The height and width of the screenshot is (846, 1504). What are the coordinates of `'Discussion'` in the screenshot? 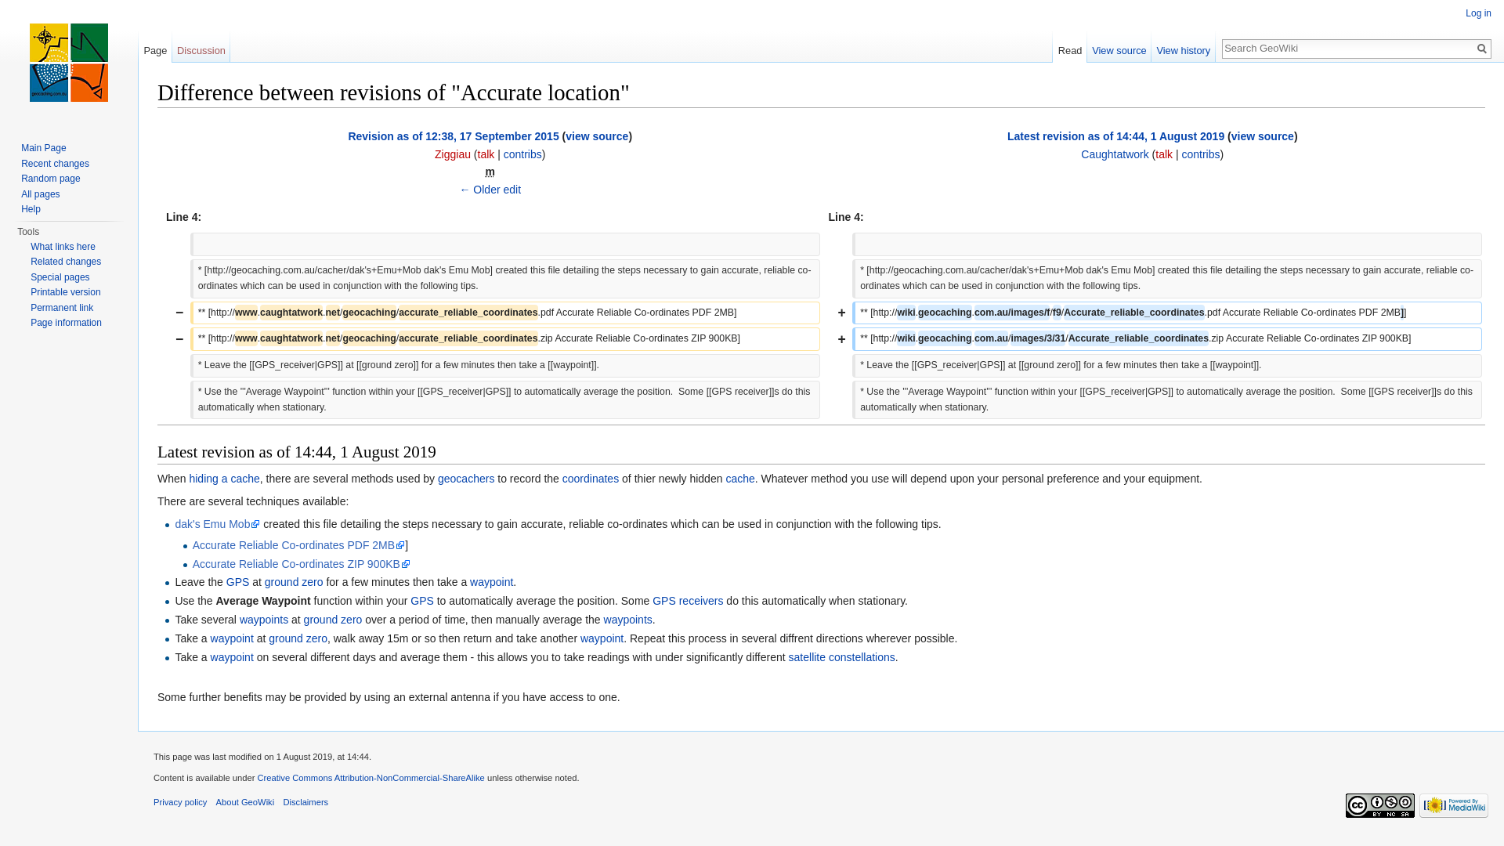 It's located at (201, 46).